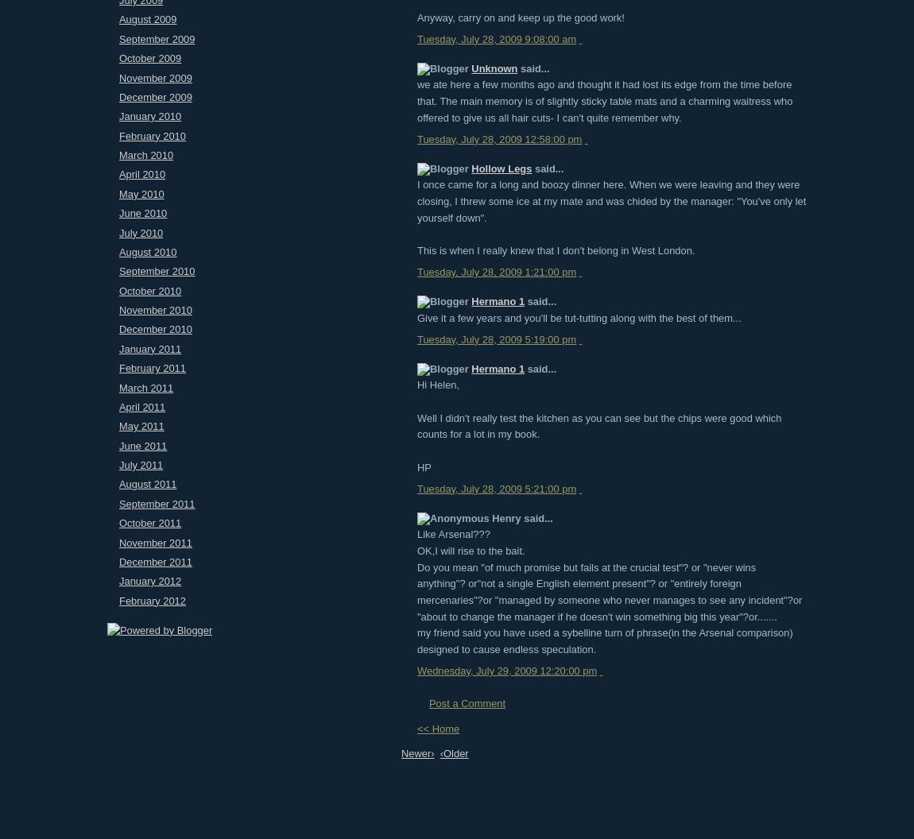  Describe the element at coordinates (151, 135) in the screenshot. I see `'February 2010'` at that location.